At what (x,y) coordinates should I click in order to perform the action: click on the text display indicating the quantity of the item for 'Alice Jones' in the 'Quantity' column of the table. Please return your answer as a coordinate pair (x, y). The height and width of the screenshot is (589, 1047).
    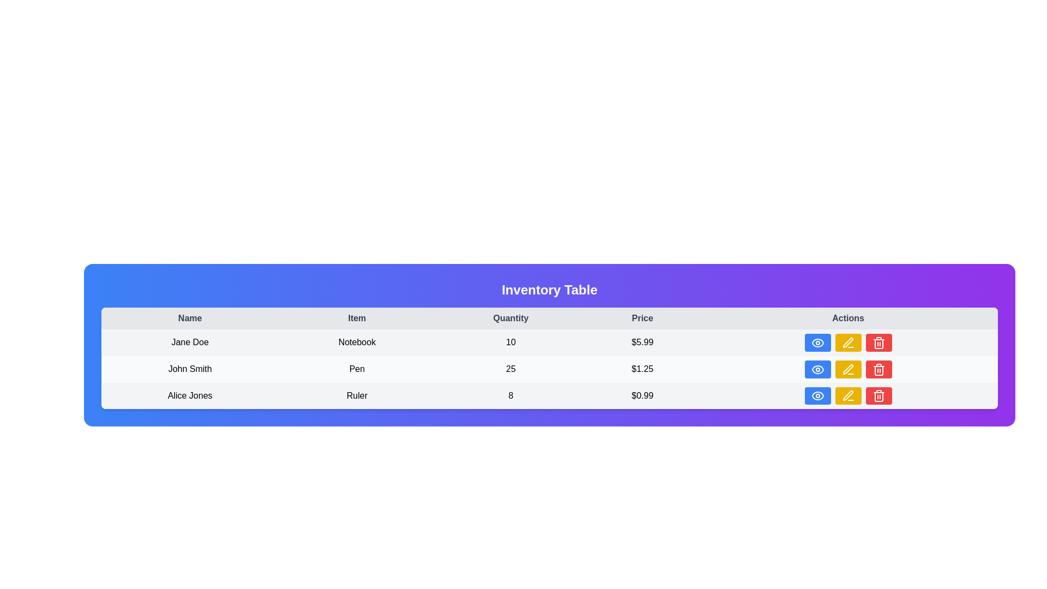
    Looking at the image, I should click on (510, 395).